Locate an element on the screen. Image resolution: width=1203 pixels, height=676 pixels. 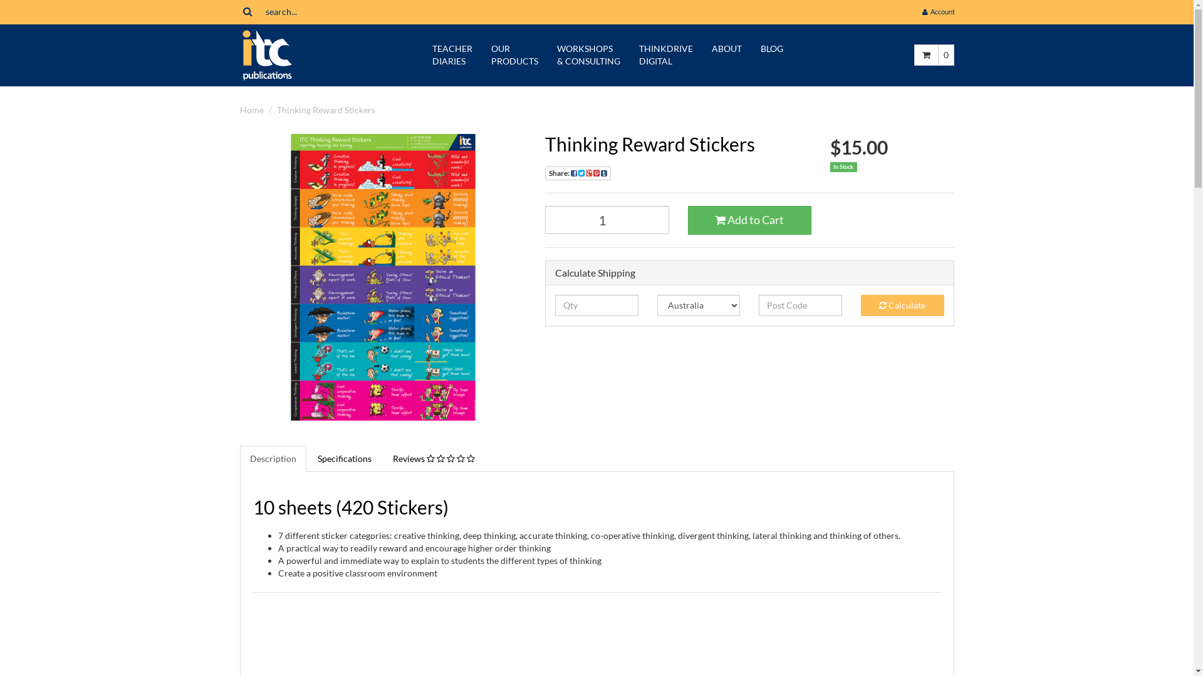
'THINKDRIVE is located at coordinates (665, 54).